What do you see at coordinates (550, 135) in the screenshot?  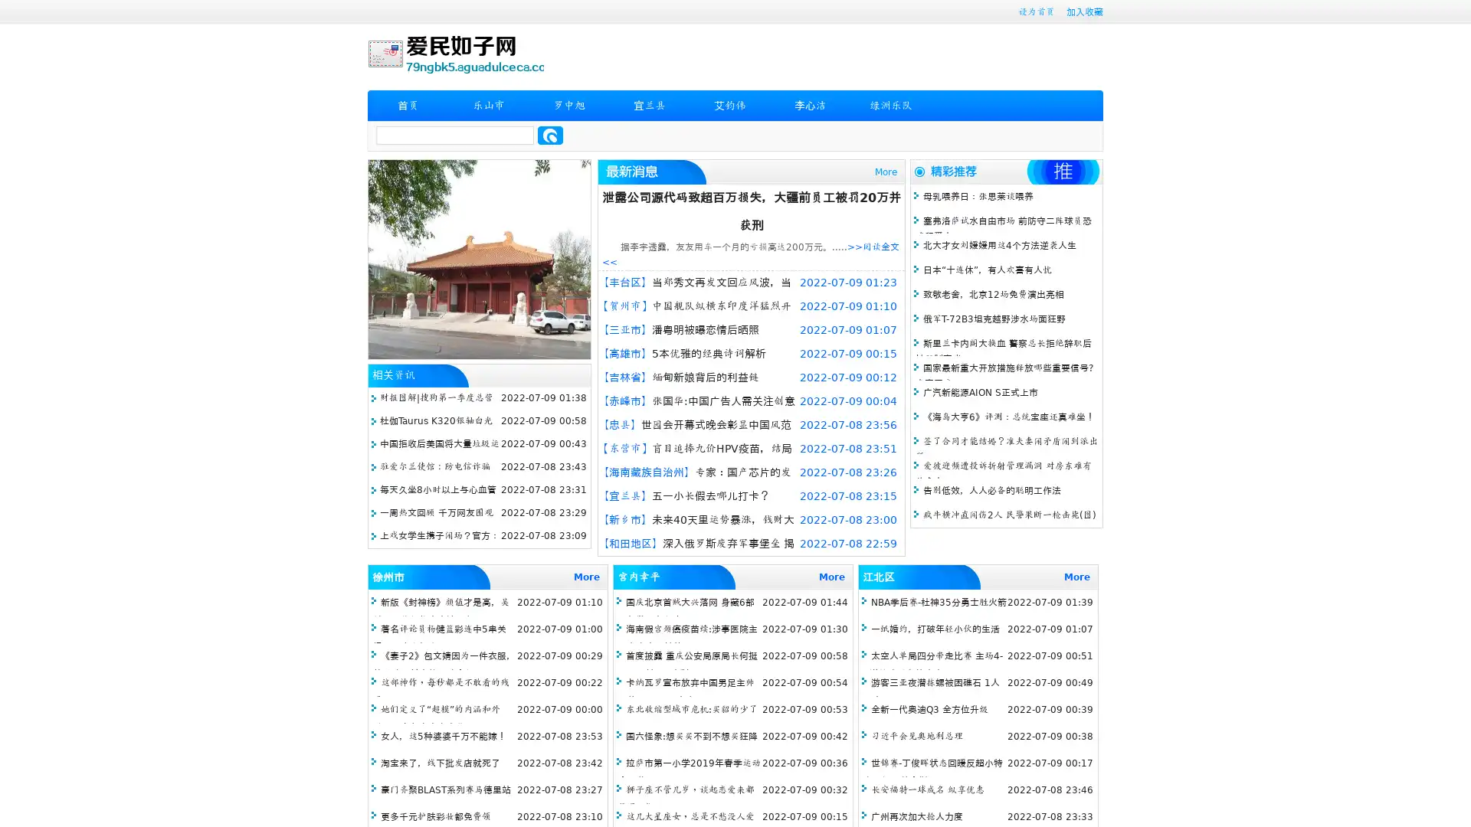 I see `Search` at bounding box center [550, 135].